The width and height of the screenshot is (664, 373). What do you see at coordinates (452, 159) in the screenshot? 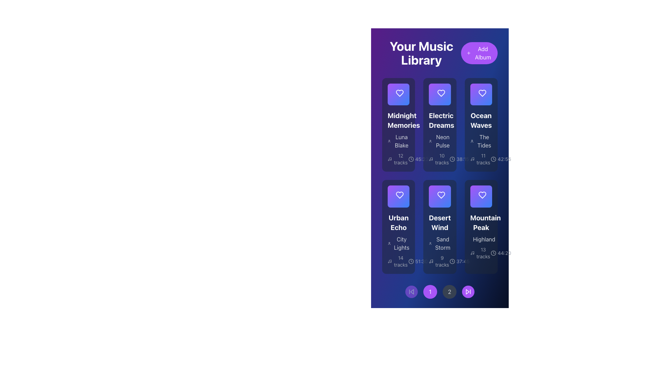
I see `the clock icon representing the total time for the album tracks` at bounding box center [452, 159].